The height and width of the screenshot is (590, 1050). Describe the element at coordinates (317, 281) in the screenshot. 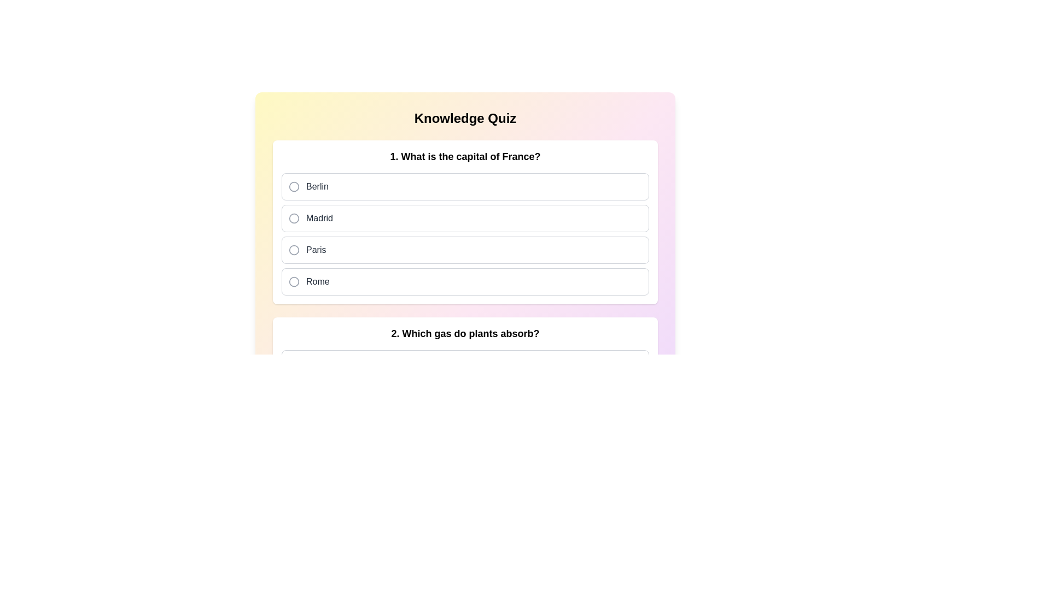

I see `the text label 'Rome' associated with the radio button indicating the answer to 'What is the capital of France?'` at that location.